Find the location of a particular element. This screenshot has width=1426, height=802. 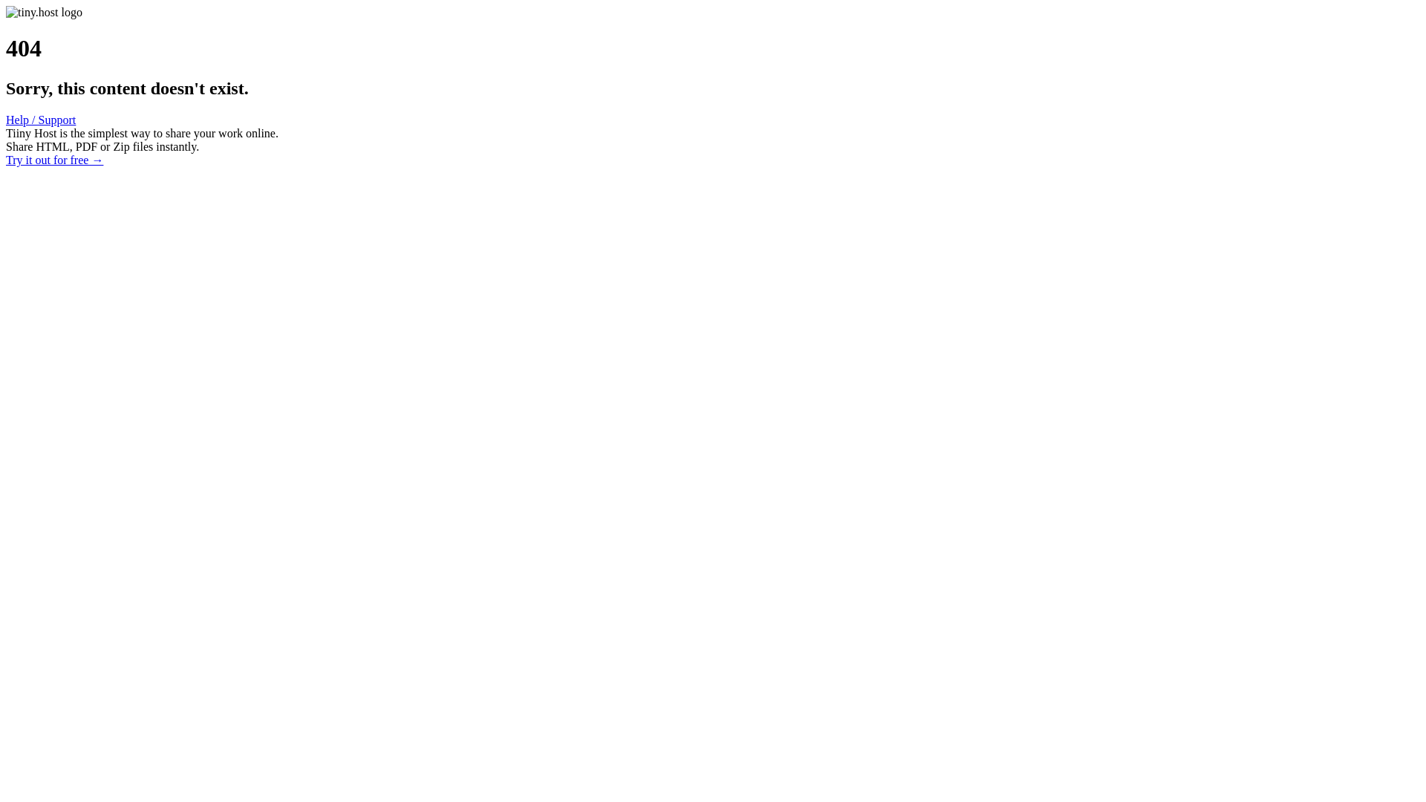

'Help / Support' is located at coordinates (40, 119).